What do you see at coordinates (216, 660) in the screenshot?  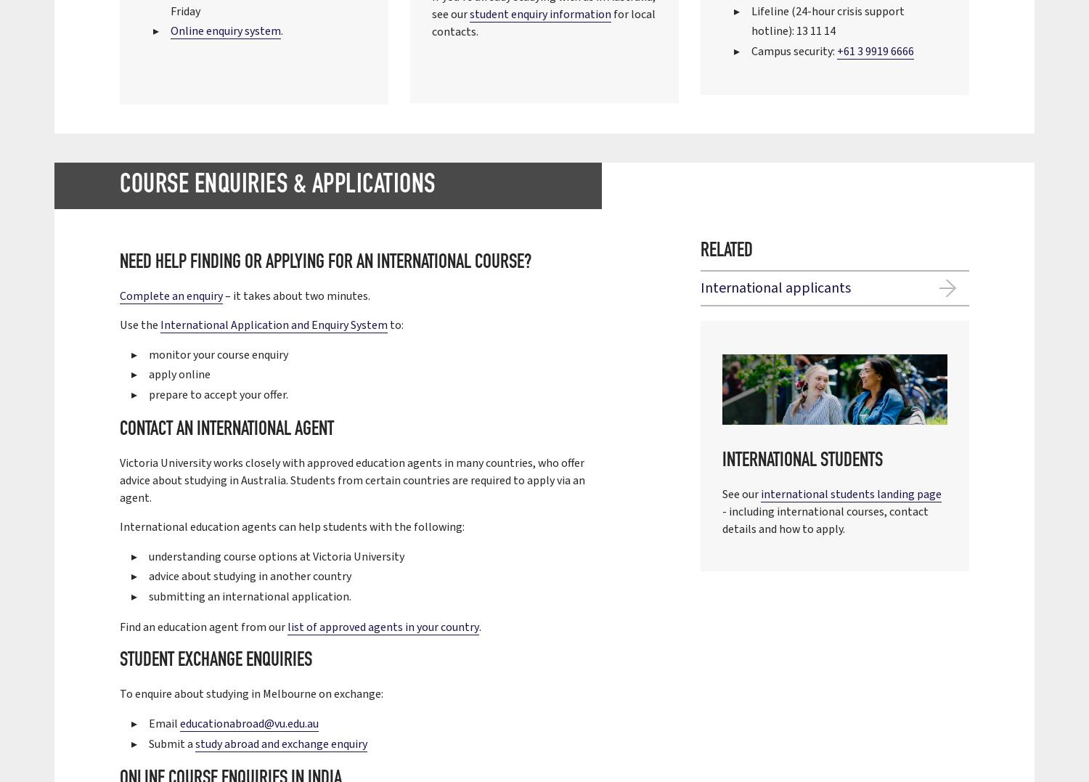 I see `'Student exchange enquiries'` at bounding box center [216, 660].